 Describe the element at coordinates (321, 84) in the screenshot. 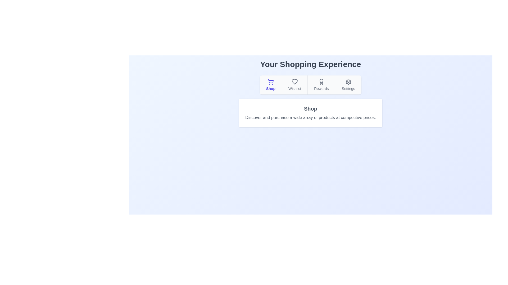

I see `the tab labeled Rewards` at that location.